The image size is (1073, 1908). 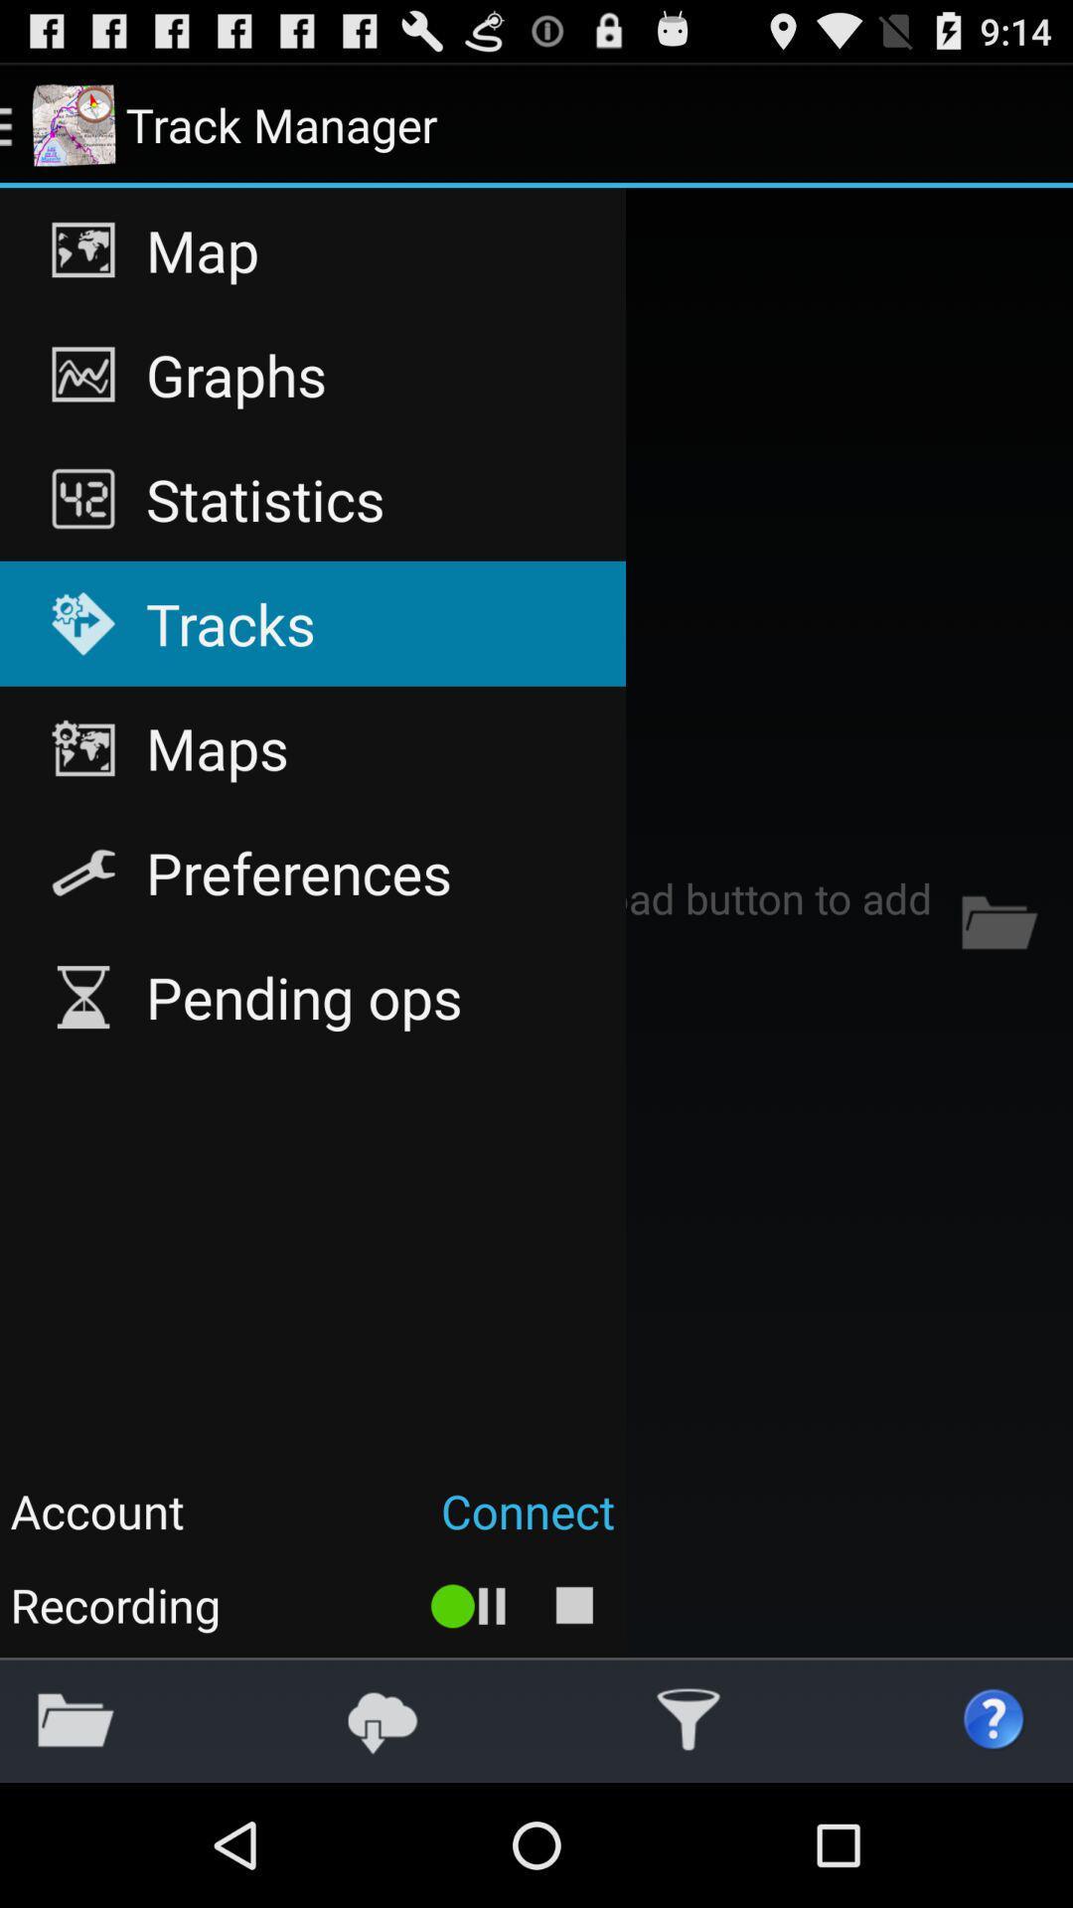 What do you see at coordinates (469, 1605) in the screenshot?
I see `item next to recording icon` at bounding box center [469, 1605].